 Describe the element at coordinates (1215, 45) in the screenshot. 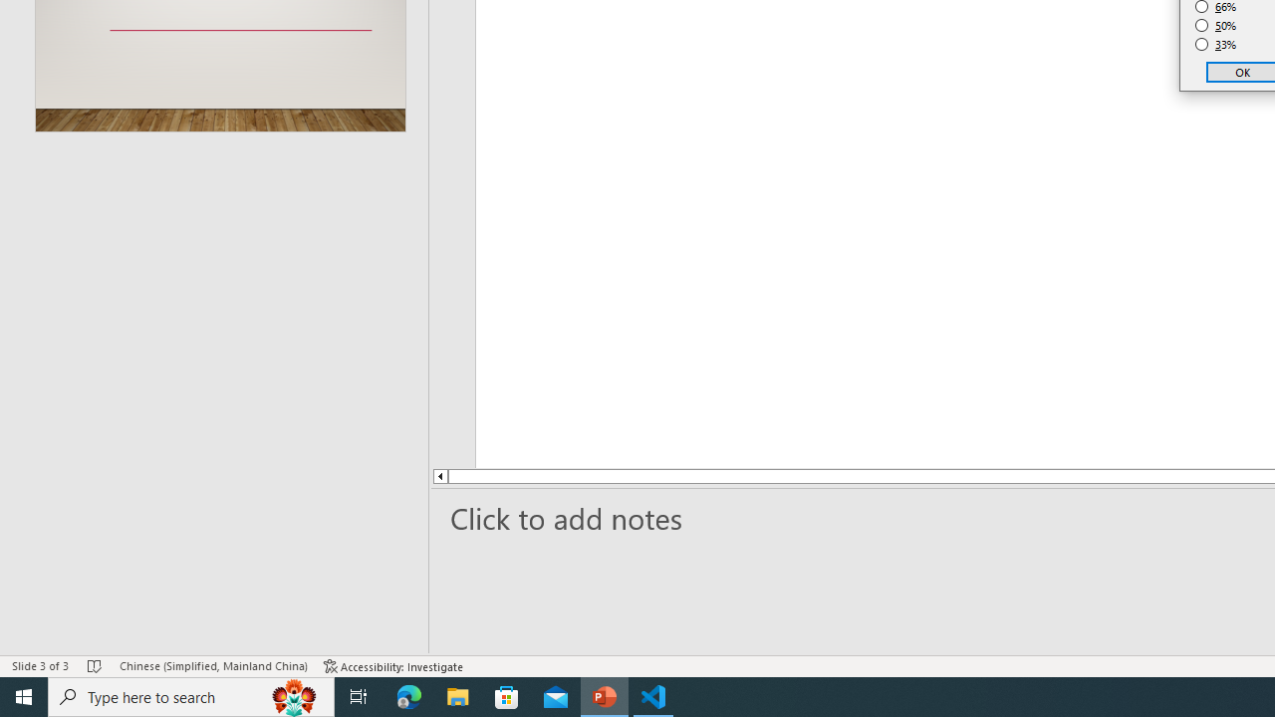

I see `'33%'` at that location.